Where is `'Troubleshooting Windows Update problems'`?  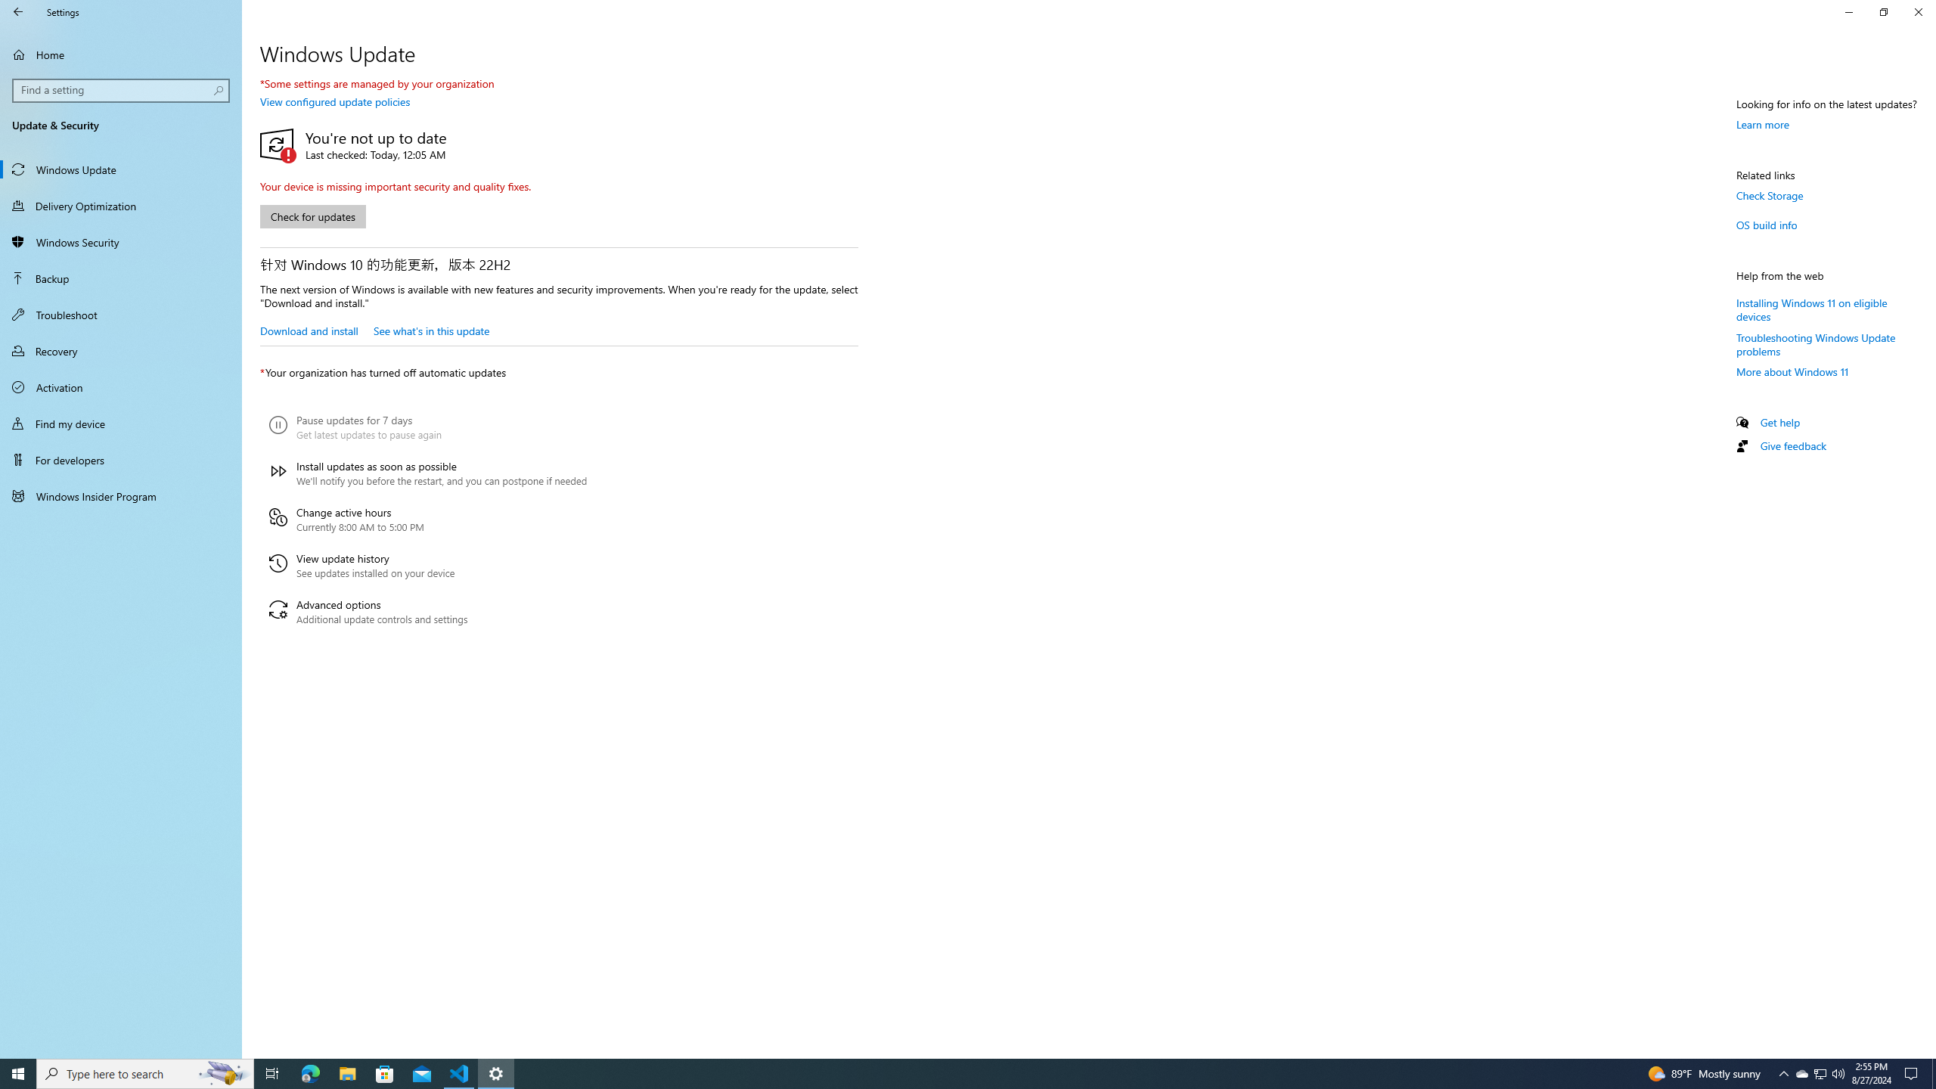 'Troubleshooting Windows Update problems' is located at coordinates (1816, 344).